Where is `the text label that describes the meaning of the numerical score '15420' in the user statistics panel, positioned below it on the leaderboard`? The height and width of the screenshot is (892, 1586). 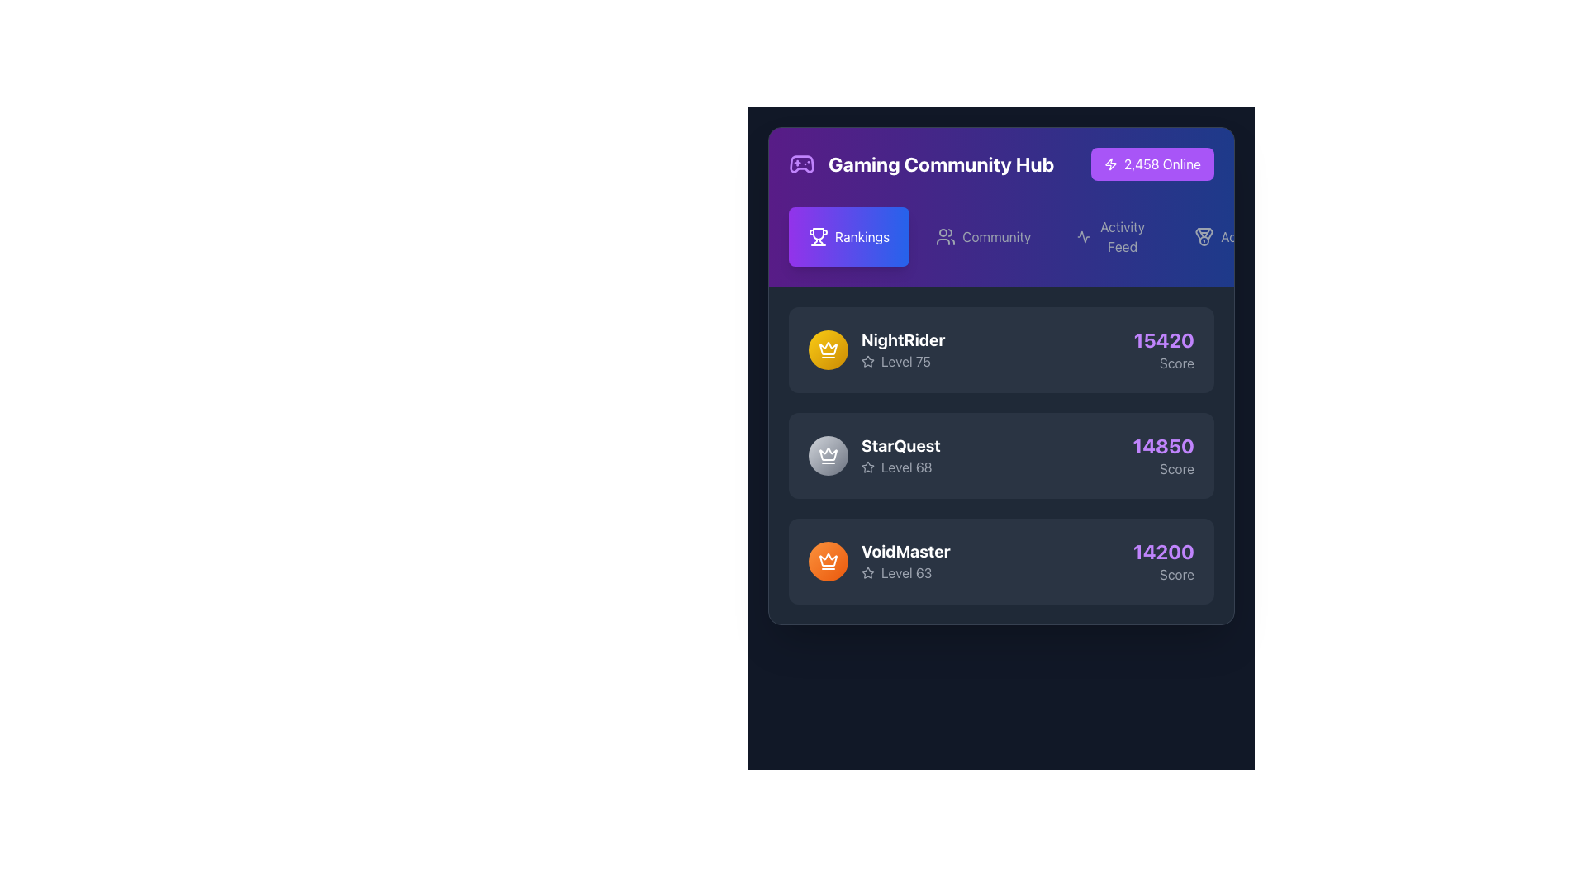
the text label that describes the meaning of the numerical score '15420' in the user statistics panel, positioned below it on the leaderboard is located at coordinates (1163, 362).